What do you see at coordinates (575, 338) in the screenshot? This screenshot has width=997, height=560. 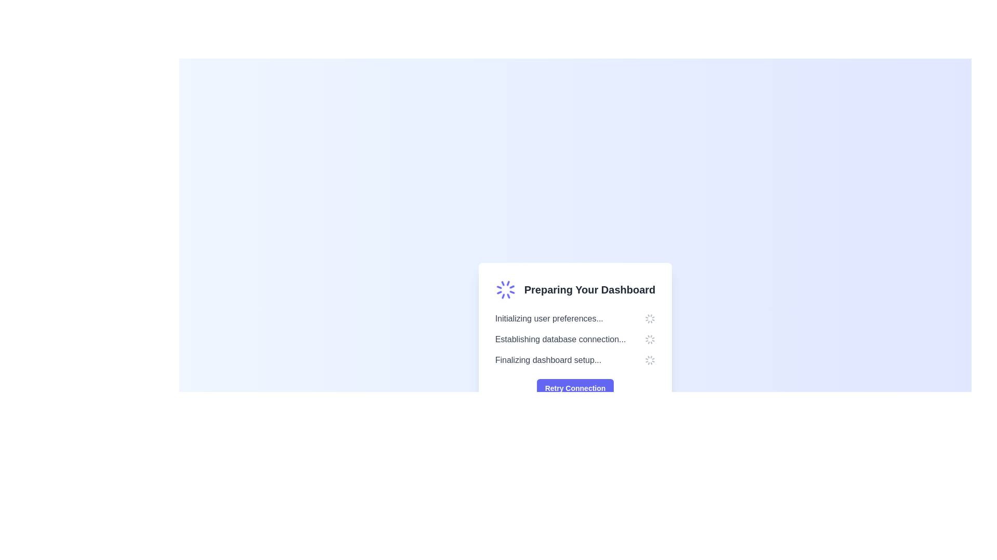 I see `the status dashboard element that displays initialization progress and provides a retry option` at bounding box center [575, 338].